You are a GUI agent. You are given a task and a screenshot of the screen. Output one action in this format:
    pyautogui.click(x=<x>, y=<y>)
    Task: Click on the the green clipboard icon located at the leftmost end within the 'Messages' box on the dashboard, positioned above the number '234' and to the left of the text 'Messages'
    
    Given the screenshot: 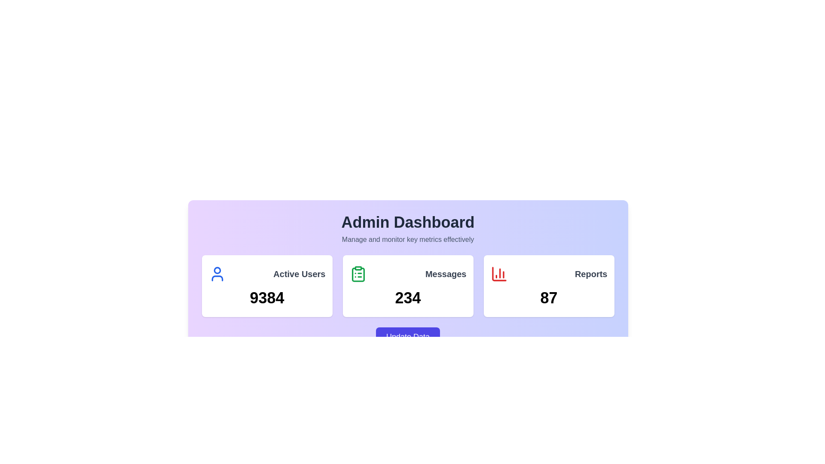 What is the action you would take?
    pyautogui.click(x=358, y=274)
    